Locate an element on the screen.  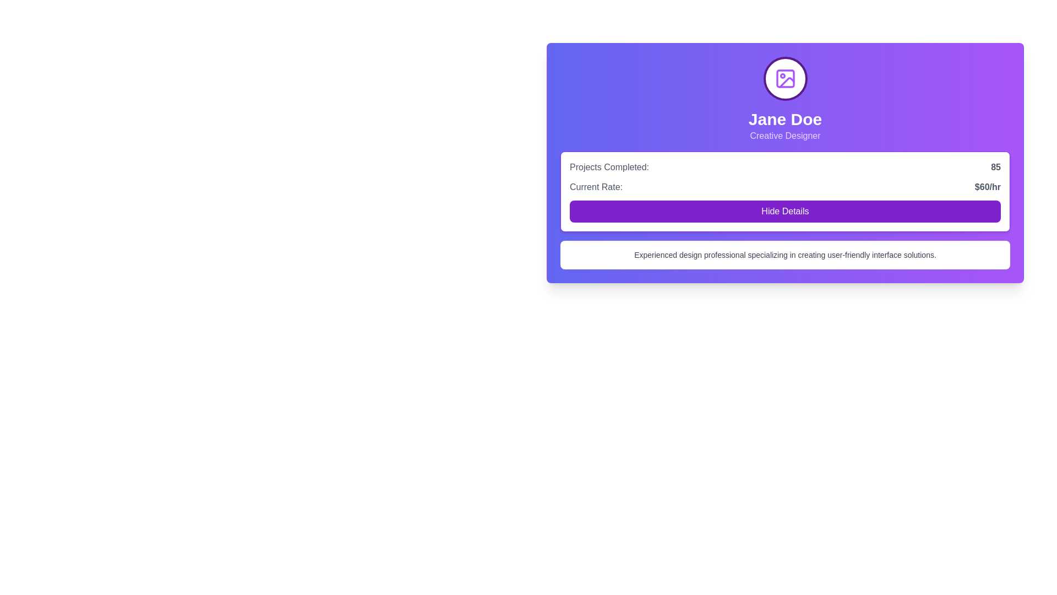
the Text Label located at the bottom of the vertical card layout, beneath the 'Hide Details' button, inside a white, rounded rectangle is located at coordinates (784, 255).